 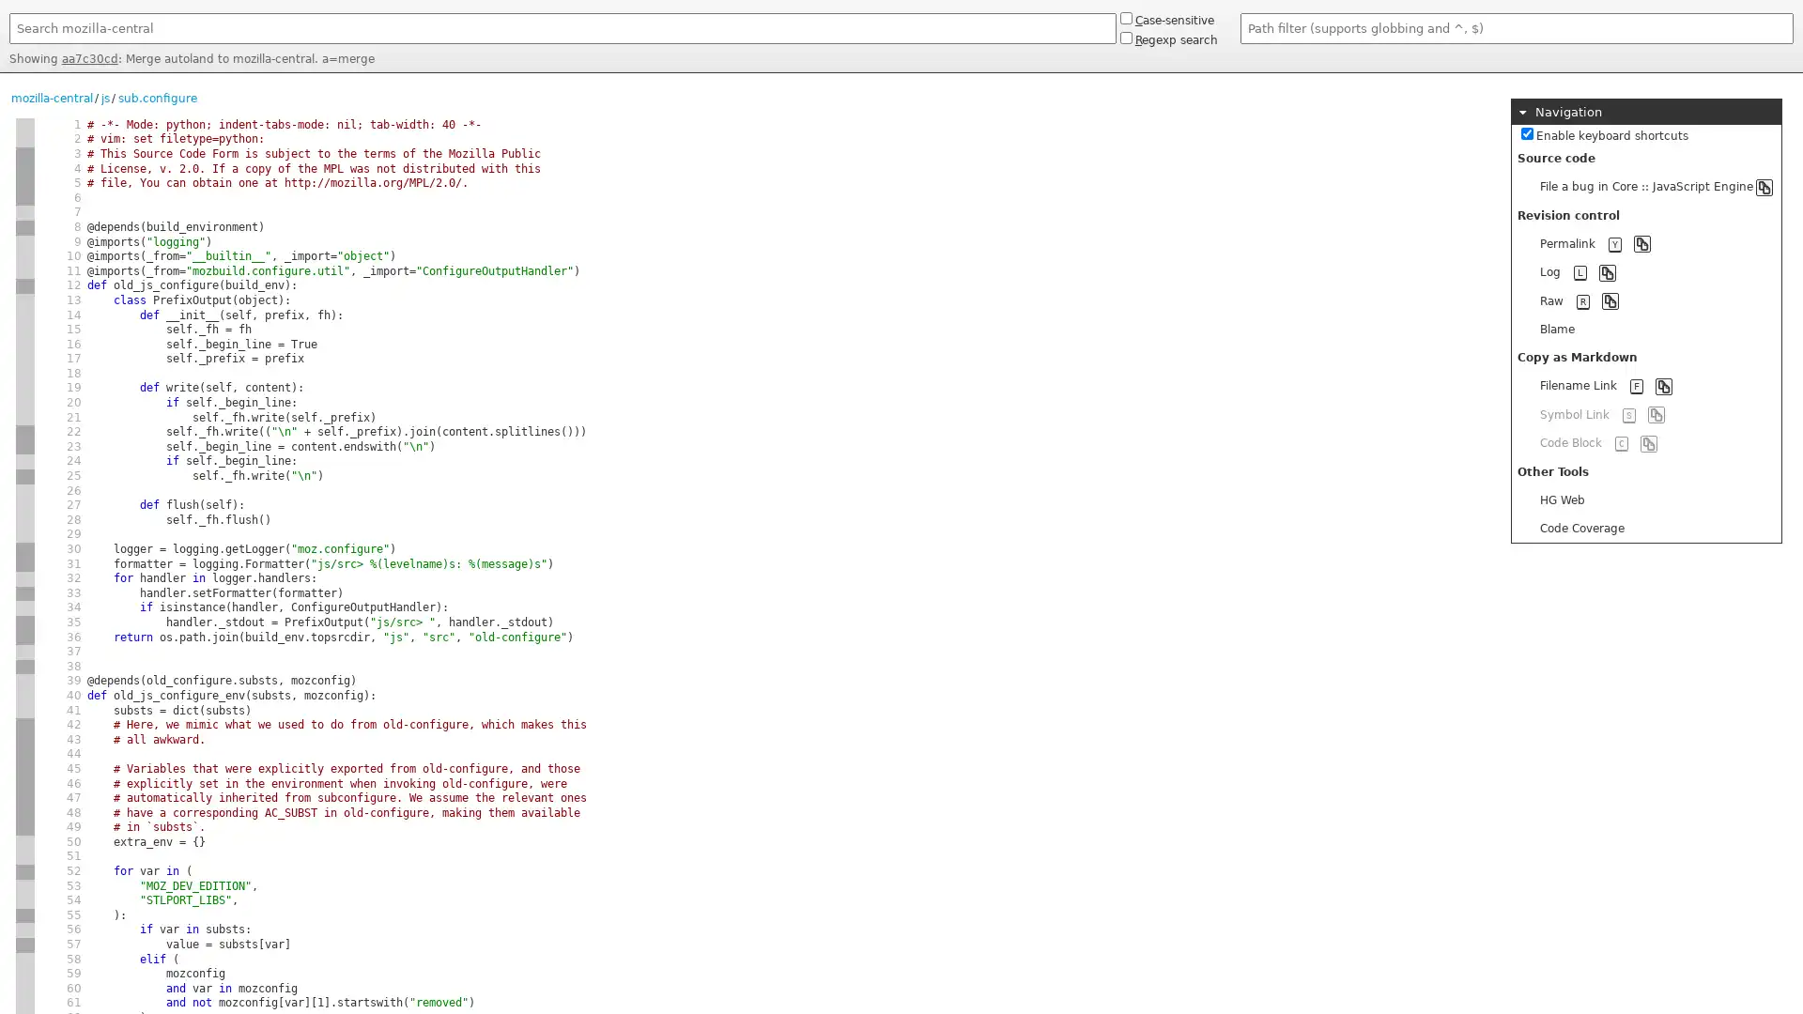 What do you see at coordinates (25, 153) in the screenshot?
I see `new hash 2` at bounding box center [25, 153].